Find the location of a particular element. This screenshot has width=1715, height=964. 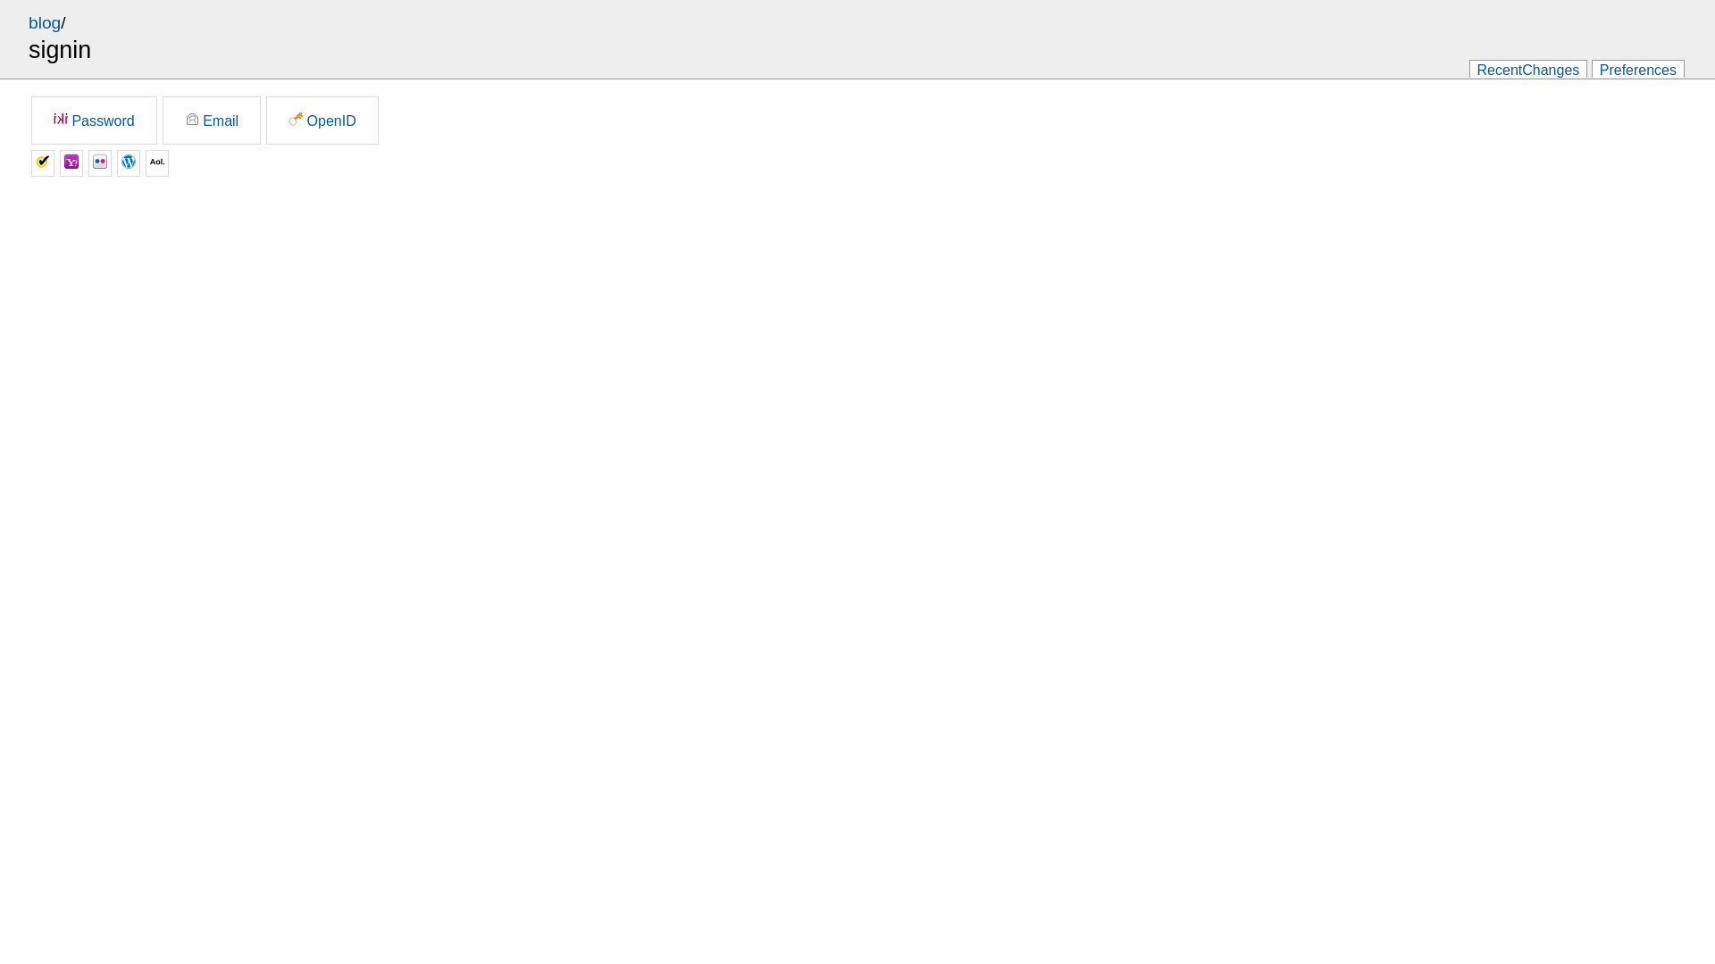

'RecentChanges' is located at coordinates (1477, 69).